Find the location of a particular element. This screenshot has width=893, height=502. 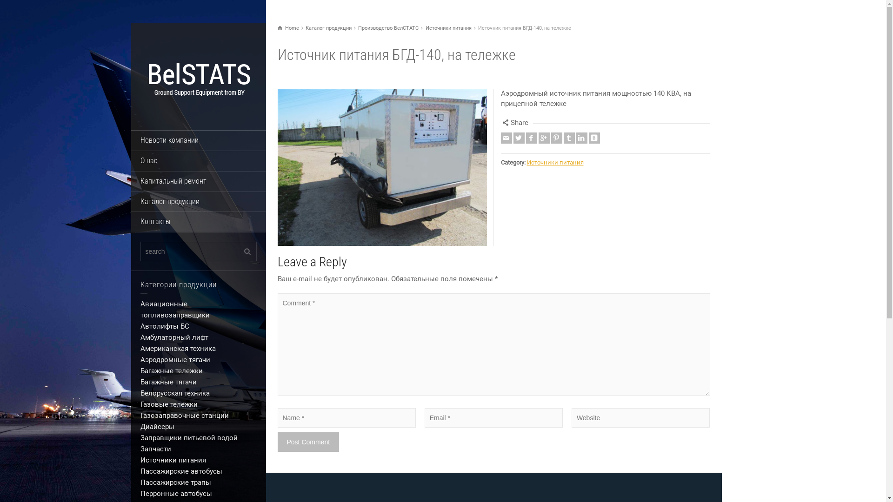

'Tumblr' is located at coordinates (569, 138).